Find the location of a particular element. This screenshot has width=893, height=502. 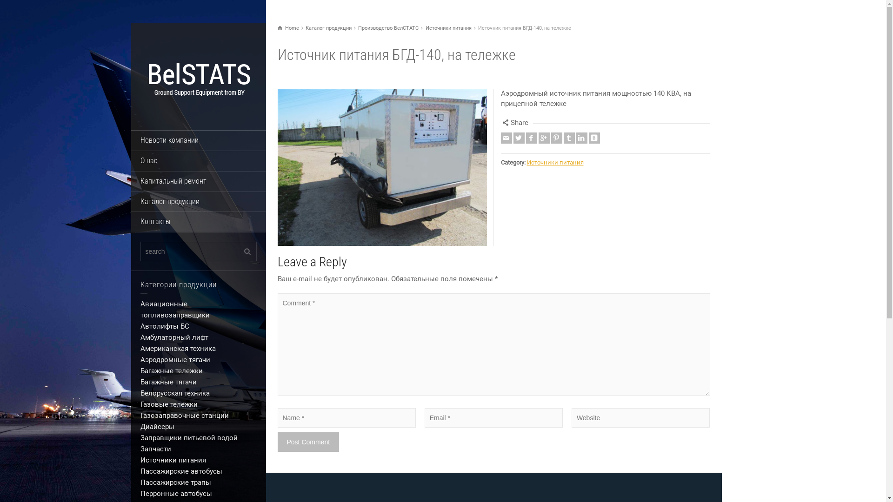

'Tumblr' is located at coordinates (569, 138).